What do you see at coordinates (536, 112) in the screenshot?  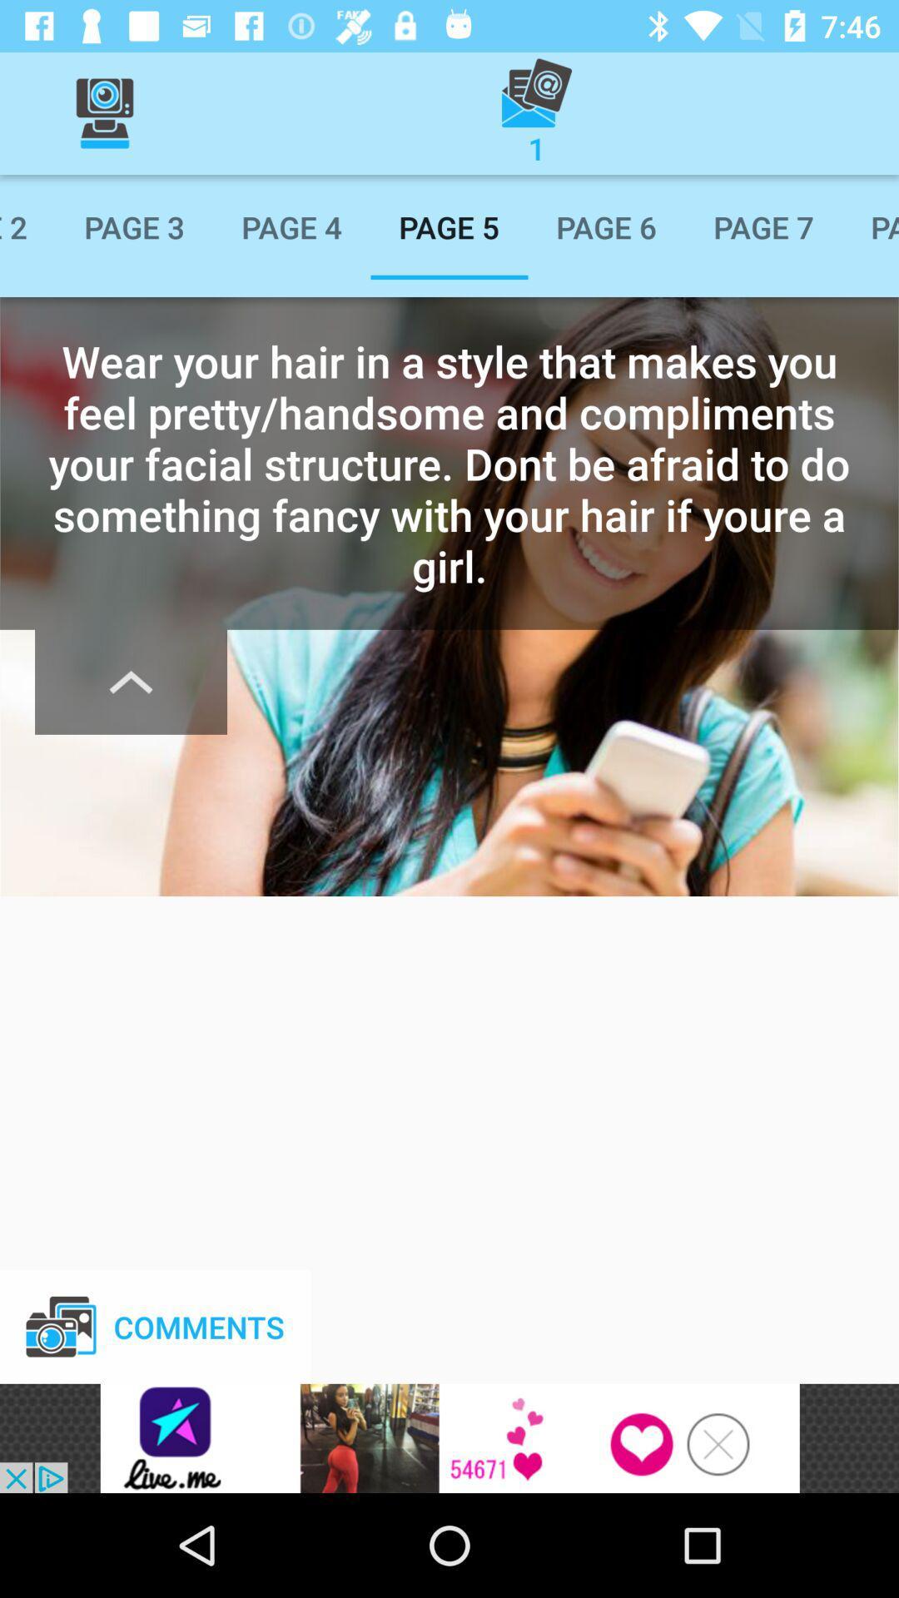 I see `the symbol which is above page 5` at bounding box center [536, 112].